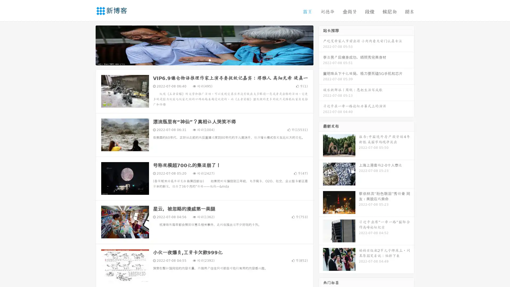  What do you see at coordinates (204, 60) in the screenshot?
I see `Go to slide 2` at bounding box center [204, 60].